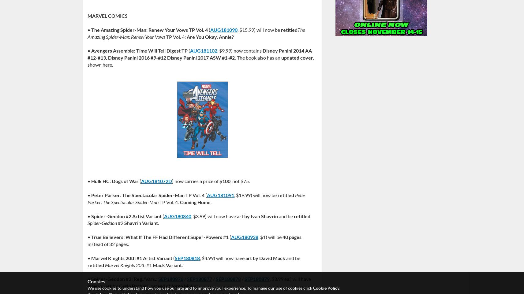  Describe the element at coordinates (269, 278) in the screenshot. I see `', $3.99 ea.) will have'` at that location.